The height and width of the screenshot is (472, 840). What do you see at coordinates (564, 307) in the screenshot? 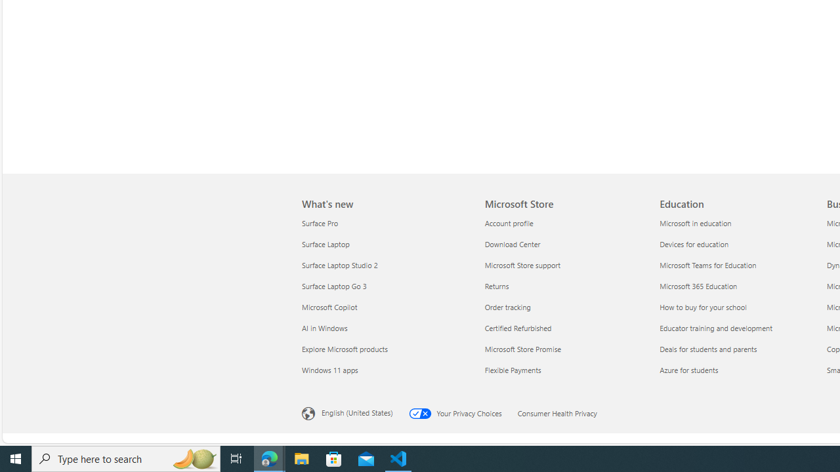
I see `'Order tracking'` at bounding box center [564, 307].